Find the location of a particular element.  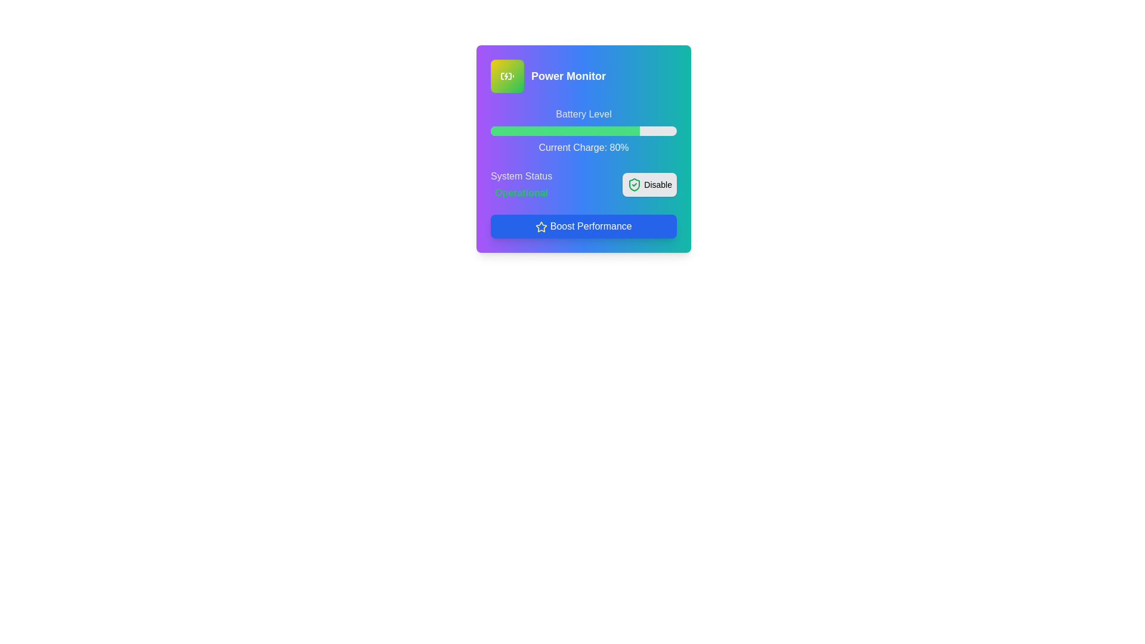

the text label that serves as a title for monitoring power usage, located centrally at the top of the interface to the right of a battery icon is located at coordinates (568, 76).